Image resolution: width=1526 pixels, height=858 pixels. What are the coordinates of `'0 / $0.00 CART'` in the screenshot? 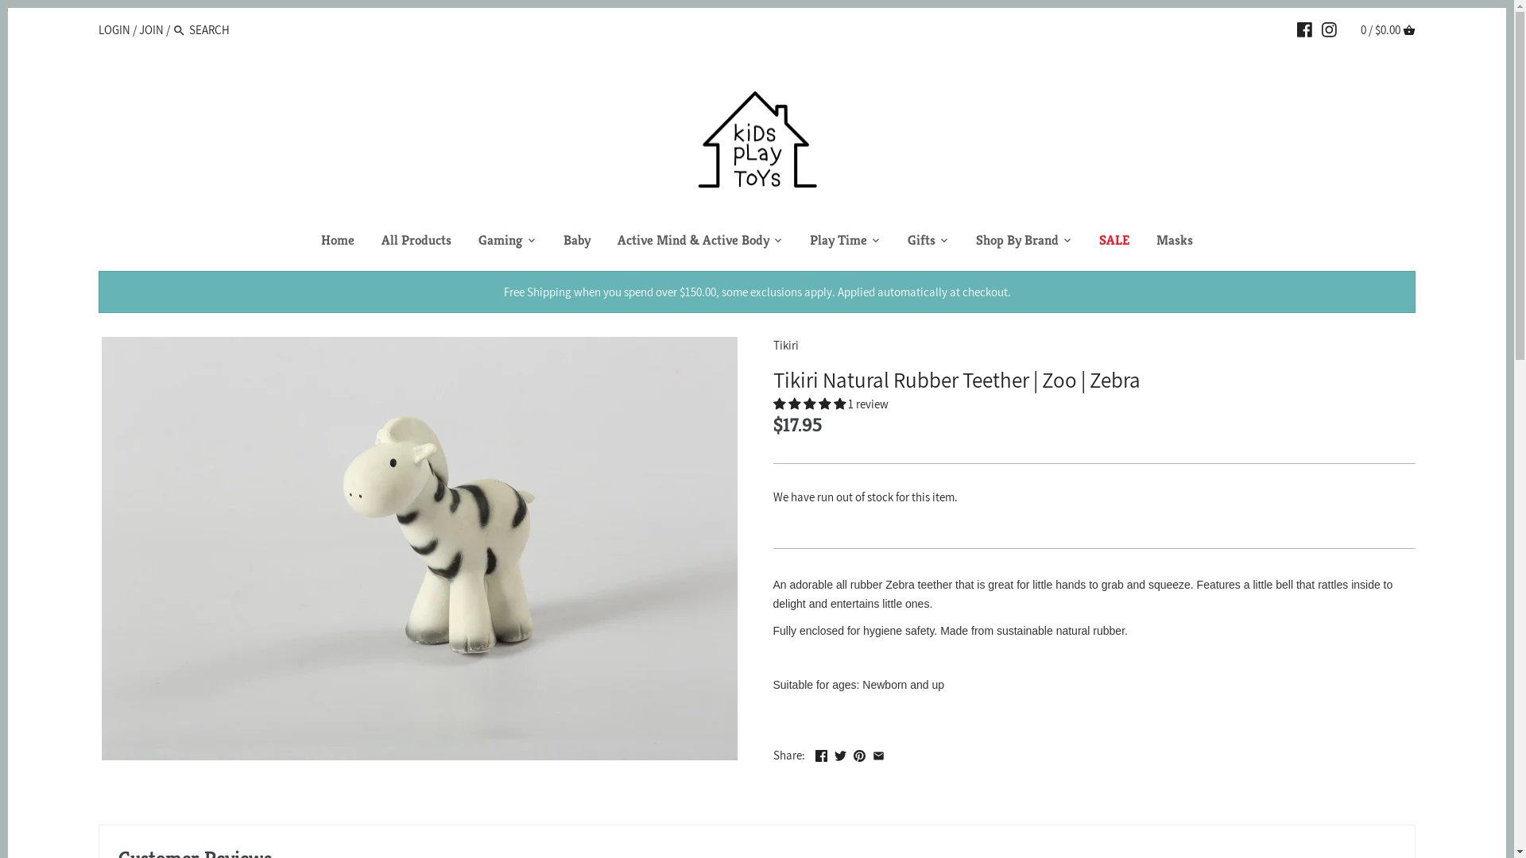 It's located at (1387, 29).